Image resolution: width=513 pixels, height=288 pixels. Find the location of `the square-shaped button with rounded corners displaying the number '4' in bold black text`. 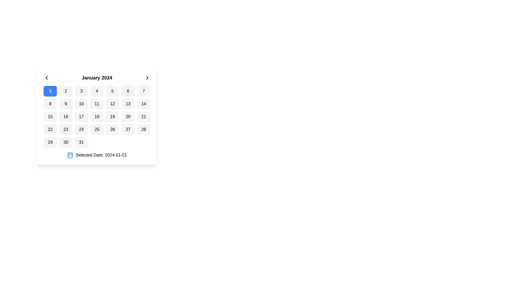

the square-shaped button with rounded corners displaying the number '4' in bold black text is located at coordinates (97, 91).